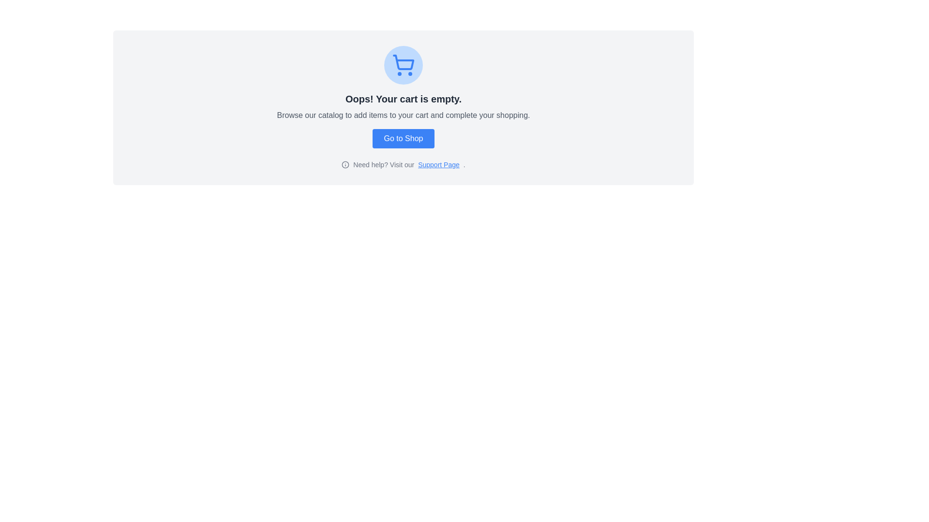  What do you see at coordinates (404, 62) in the screenshot?
I see `the central curved body of the blue cart icon, which is part of an SVG graphic at the center-top of the empty cart notice page` at bounding box center [404, 62].